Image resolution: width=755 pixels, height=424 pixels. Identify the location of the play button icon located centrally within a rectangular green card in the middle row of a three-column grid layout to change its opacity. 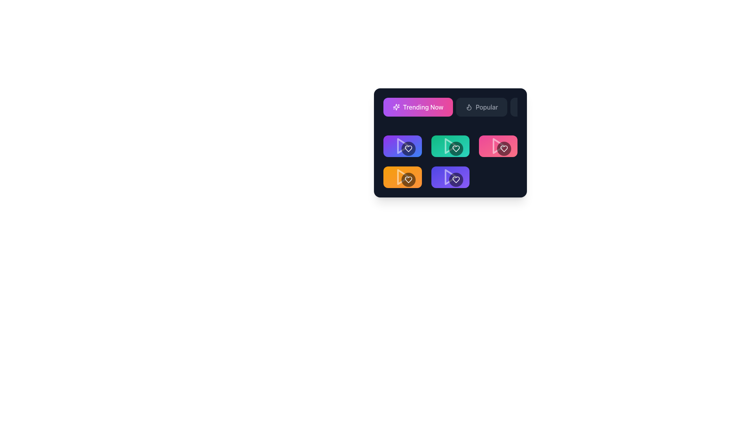
(450, 146).